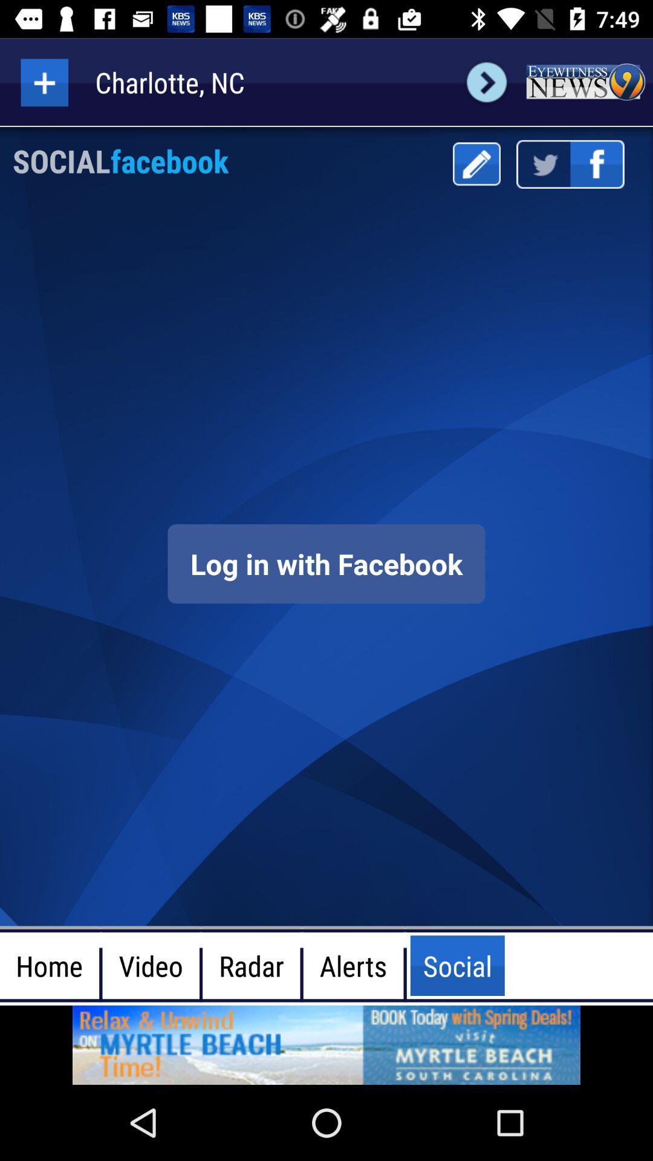 The image size is (653, 1161). I want to click on city or area, so click(44, 82).